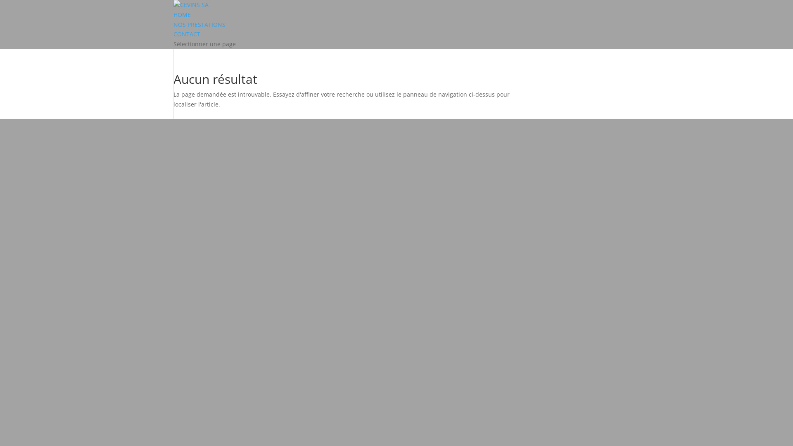 This screenshot has width=793, height=446. What do you see at coordinates (199, 24) in the screenshot?
I see `'NOS PRESTATIONS'` at bounding box center [199, 24].